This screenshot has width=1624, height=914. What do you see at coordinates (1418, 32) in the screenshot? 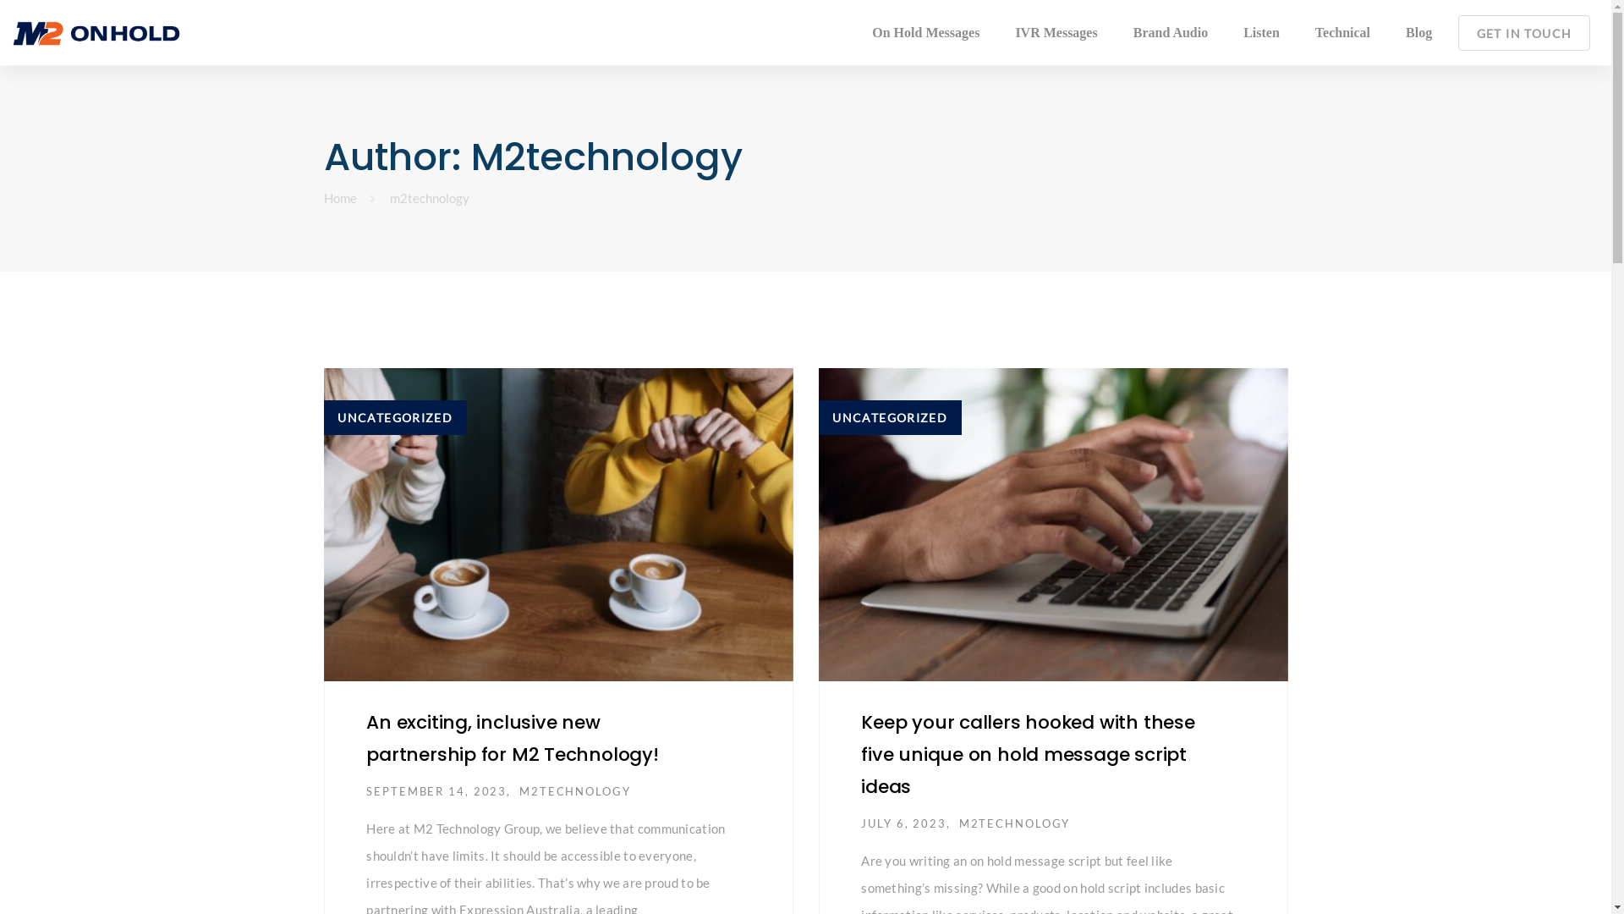
I see `'Blog'` at bounding box center [1418, 32].